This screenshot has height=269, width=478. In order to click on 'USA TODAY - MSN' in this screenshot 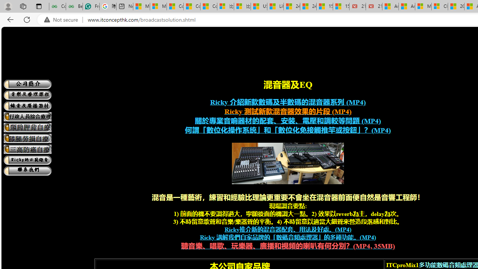, I will do `click(259, 6)`.